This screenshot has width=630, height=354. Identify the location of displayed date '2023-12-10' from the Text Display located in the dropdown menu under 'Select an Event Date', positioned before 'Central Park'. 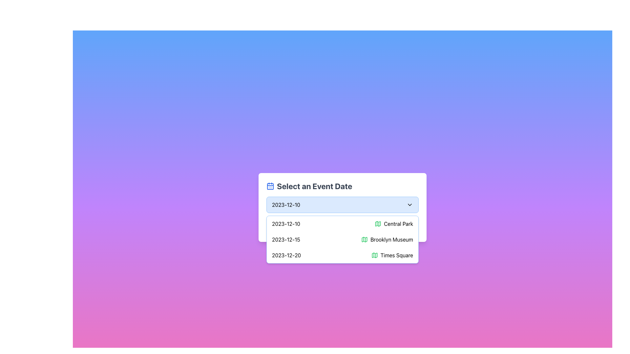
(286, 223).